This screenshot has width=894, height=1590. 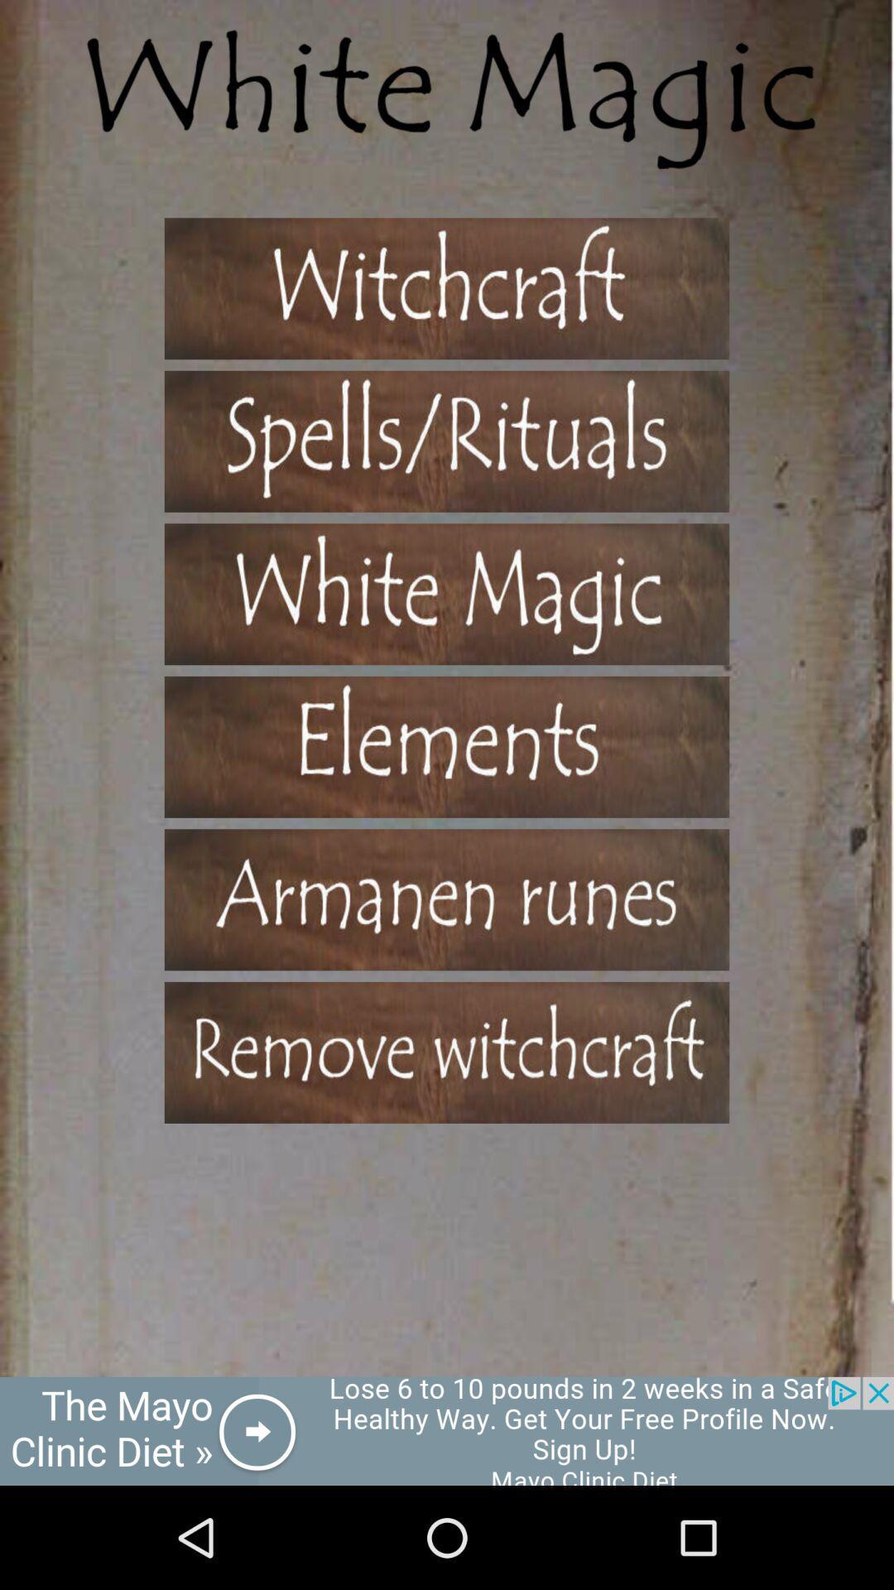 What do you see at coordinates (447, 594) in the screenshot?
I see `white magic` at bounding box center [447, 594].